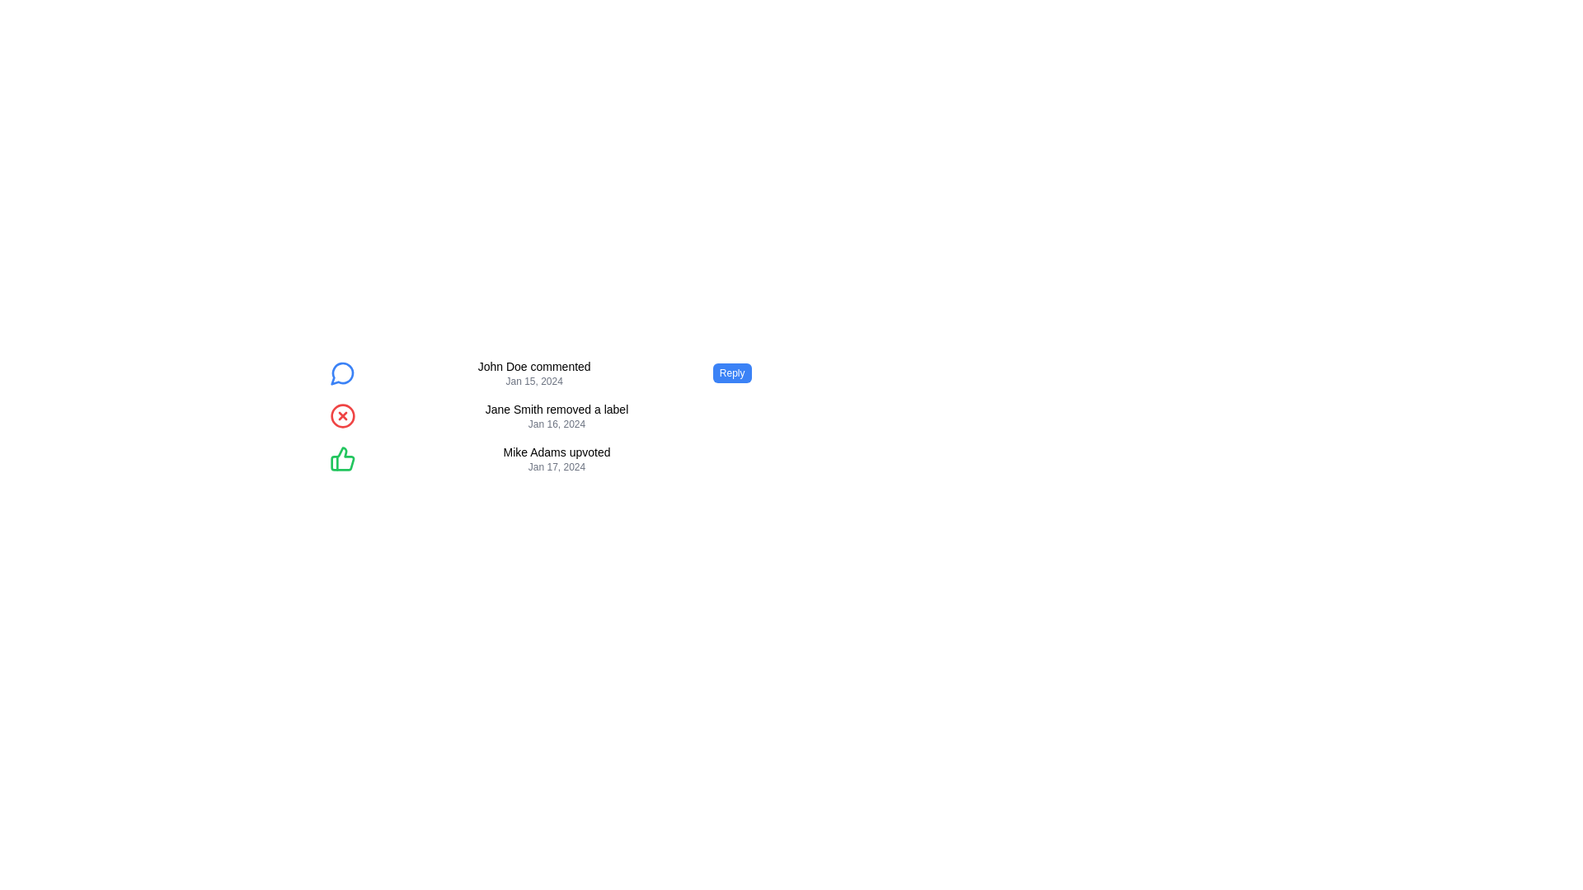 This screenshot has width=1583, height=890. I want to click on text label displaying 'Mike Adams upvoted' with the date 'Jan 17, 2024' located below 'Jane Smith removed a label', so click(557, 458).